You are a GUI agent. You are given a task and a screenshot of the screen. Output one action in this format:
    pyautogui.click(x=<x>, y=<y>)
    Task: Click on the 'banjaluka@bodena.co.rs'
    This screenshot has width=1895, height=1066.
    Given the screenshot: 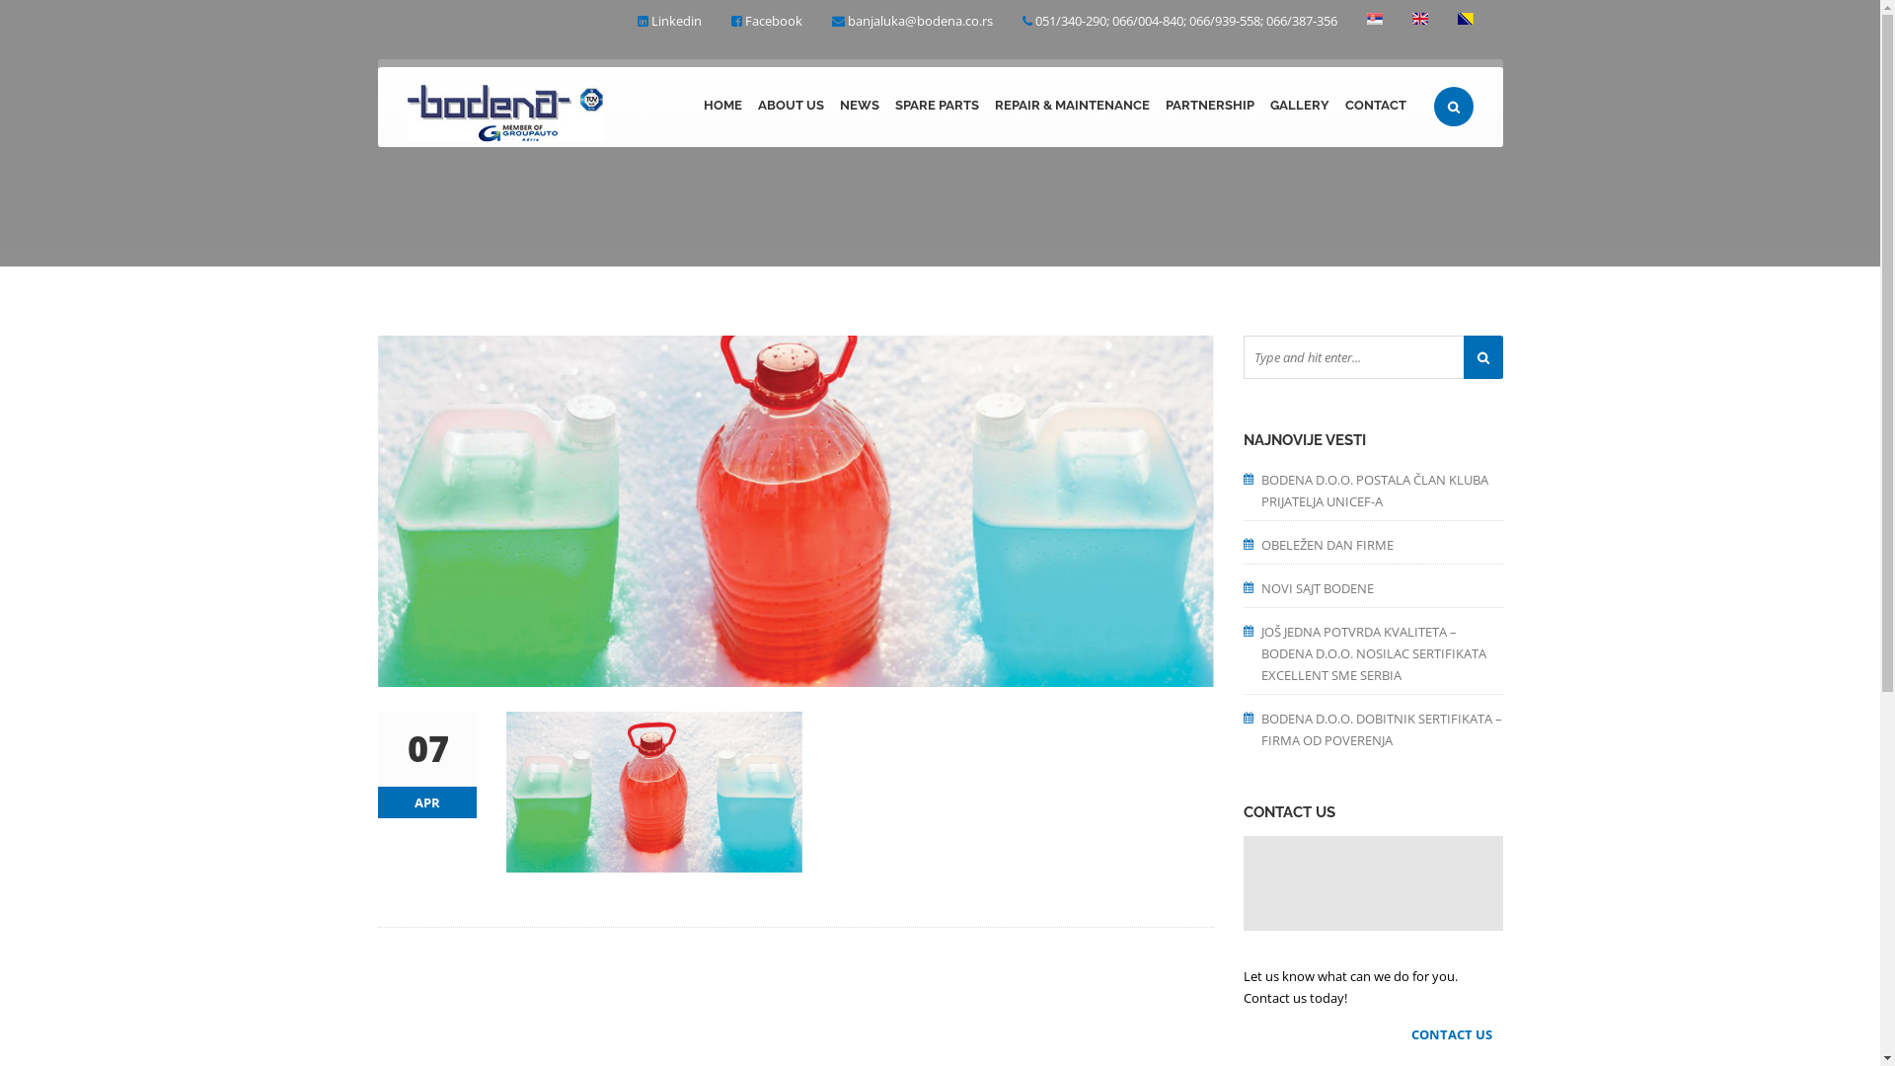 What is the action you would take?
    pyautogui.click(x=918, y=20)
    